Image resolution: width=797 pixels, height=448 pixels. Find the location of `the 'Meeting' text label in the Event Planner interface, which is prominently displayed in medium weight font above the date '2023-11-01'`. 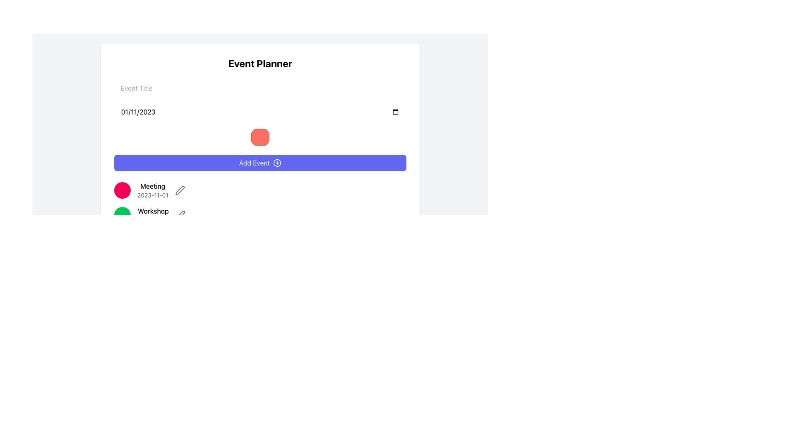

the 'Meeting' text label in the Event Planner interface, which is prominently displayed in medium weight font above the date '2023-11-01' is located at coordinates (153, 185).